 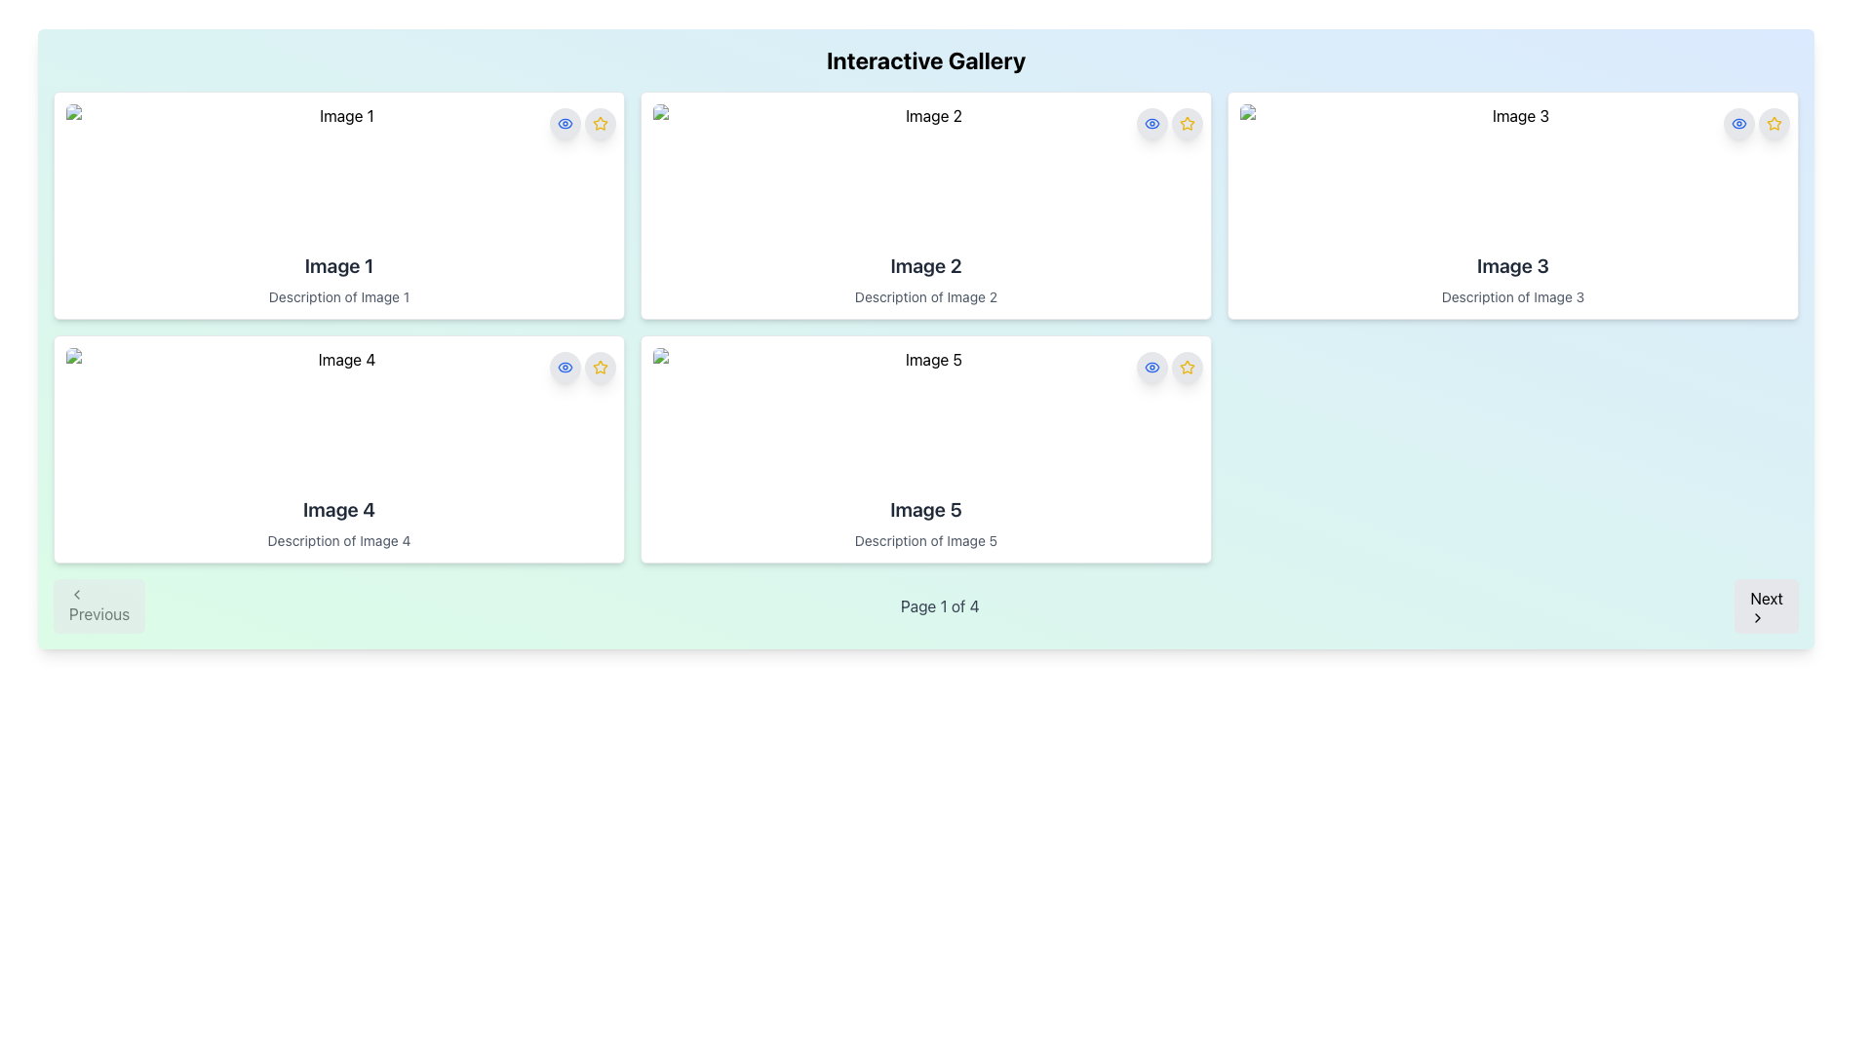 What do you see at coordinates (582, 124) in the screenshot?
I see `the left section of the Interactive Button Group located in the top-right corner of the card labeled 'Image 1'` at bounding box center [582, 124].